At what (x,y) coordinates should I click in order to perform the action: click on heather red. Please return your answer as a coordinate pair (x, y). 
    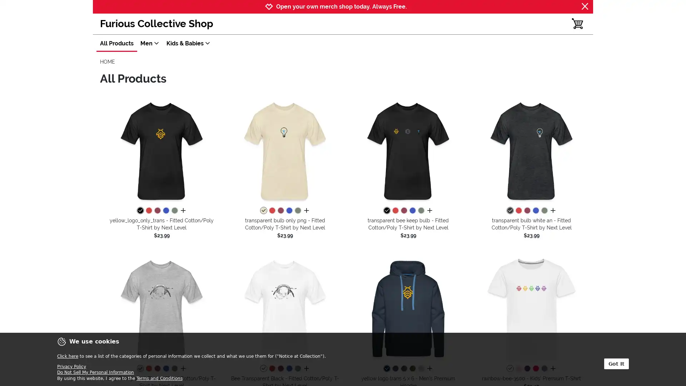
    Looking at the image, I should click on (394, 211).